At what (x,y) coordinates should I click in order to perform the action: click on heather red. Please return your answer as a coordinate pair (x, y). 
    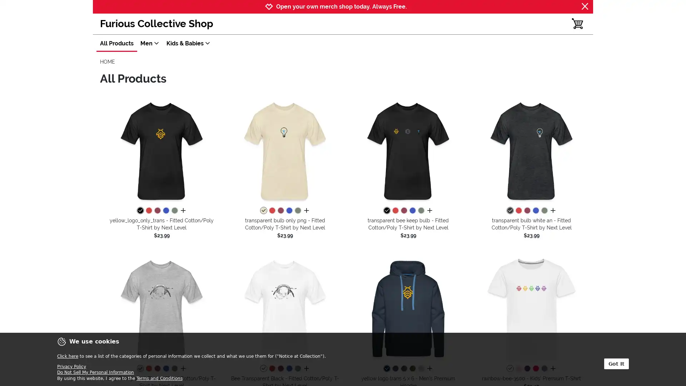
    Looking at the image, I should click on (394, 211).